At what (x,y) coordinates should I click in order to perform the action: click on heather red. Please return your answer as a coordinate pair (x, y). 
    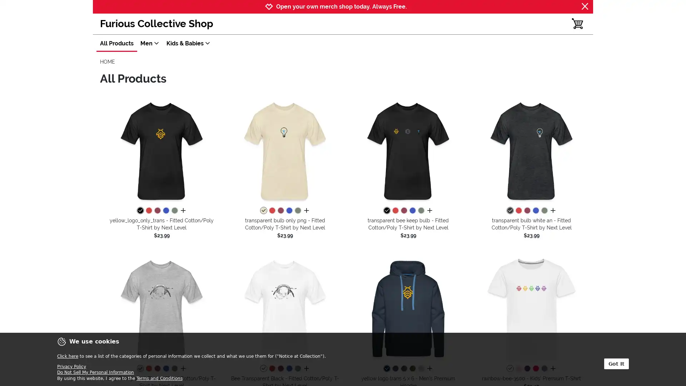
    Looking at the image, I should click on (394, 211).